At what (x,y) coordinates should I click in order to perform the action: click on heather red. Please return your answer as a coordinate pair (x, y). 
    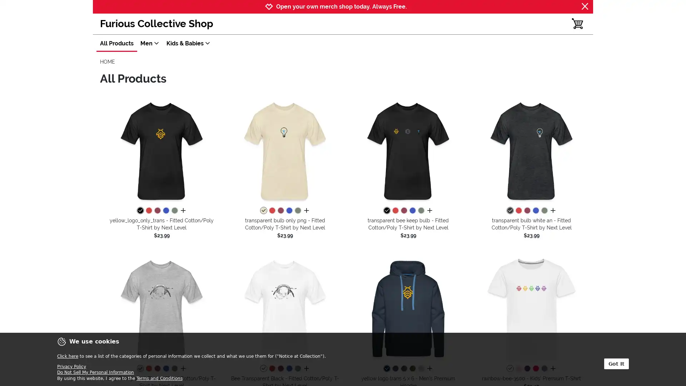
    Looking at the image, I should click on (394, 211).